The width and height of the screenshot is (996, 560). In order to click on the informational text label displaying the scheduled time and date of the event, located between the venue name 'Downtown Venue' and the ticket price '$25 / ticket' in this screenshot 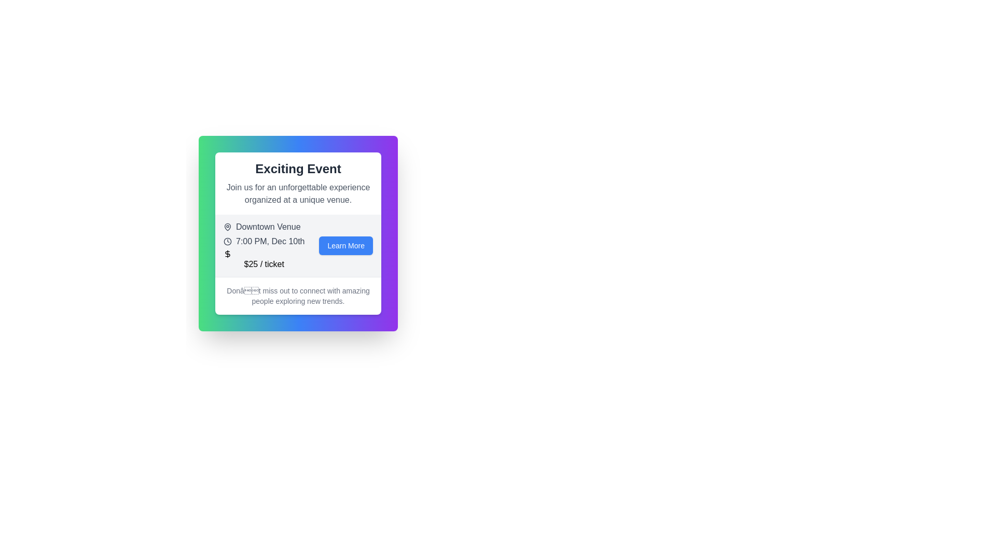, I will do `click(264, 242)`.